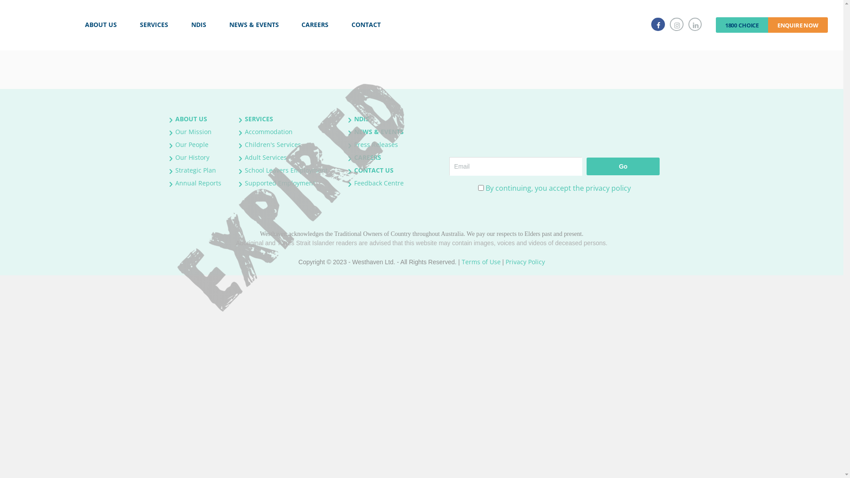 Image resolution: width=850 pixels, height=478 pixels. Describe the element at coordinates (366, 24) in the screenshot. I see `'CONTACT'` at that location.